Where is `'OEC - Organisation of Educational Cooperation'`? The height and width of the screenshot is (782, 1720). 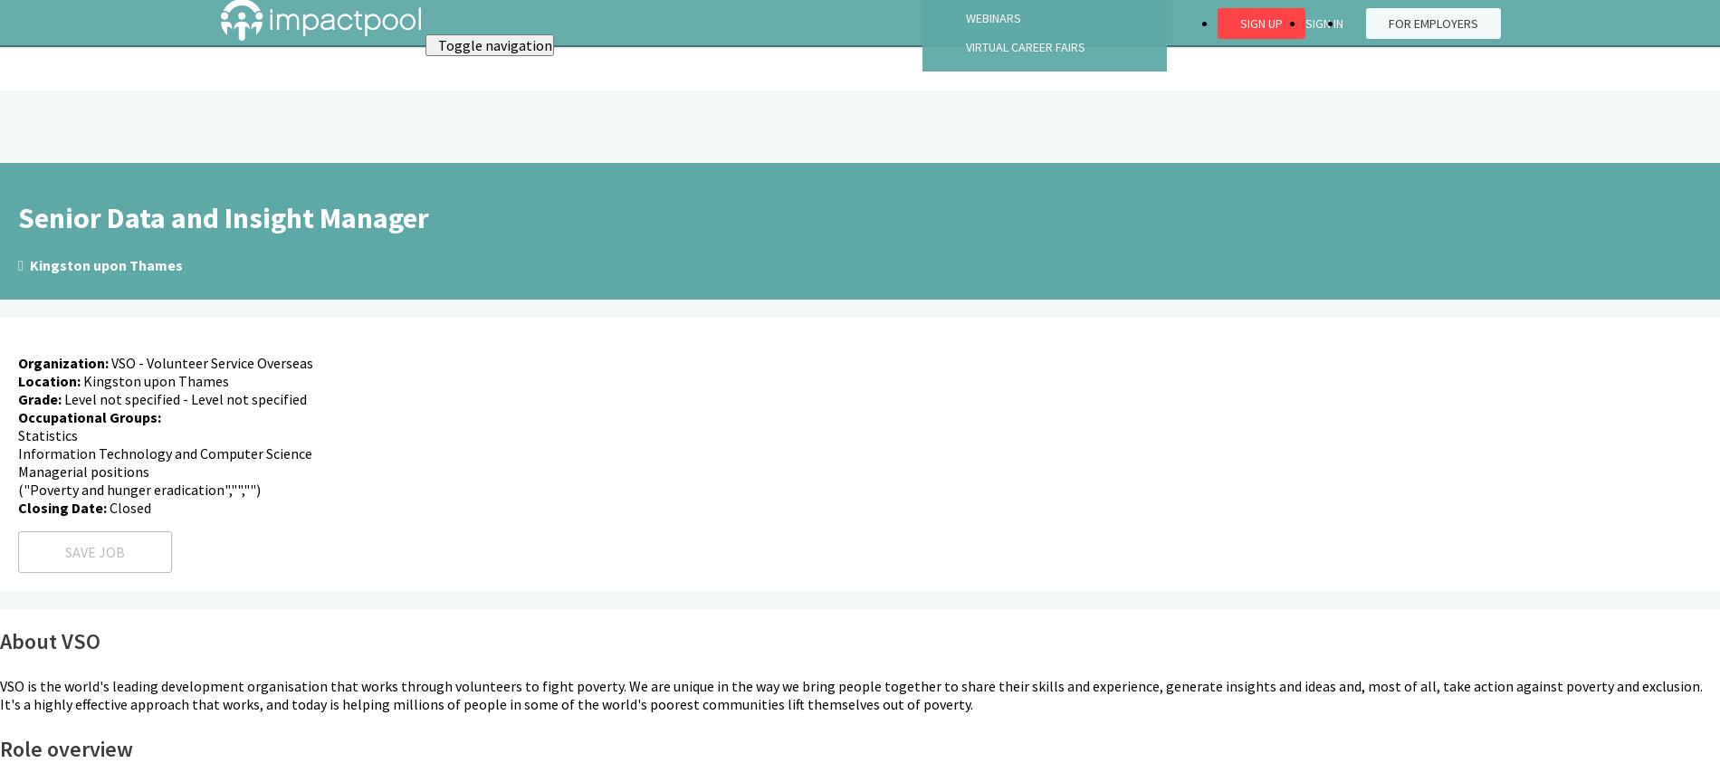 'OEC - Organisation of Educational Cooperation' is located at coordinates (178, 589).